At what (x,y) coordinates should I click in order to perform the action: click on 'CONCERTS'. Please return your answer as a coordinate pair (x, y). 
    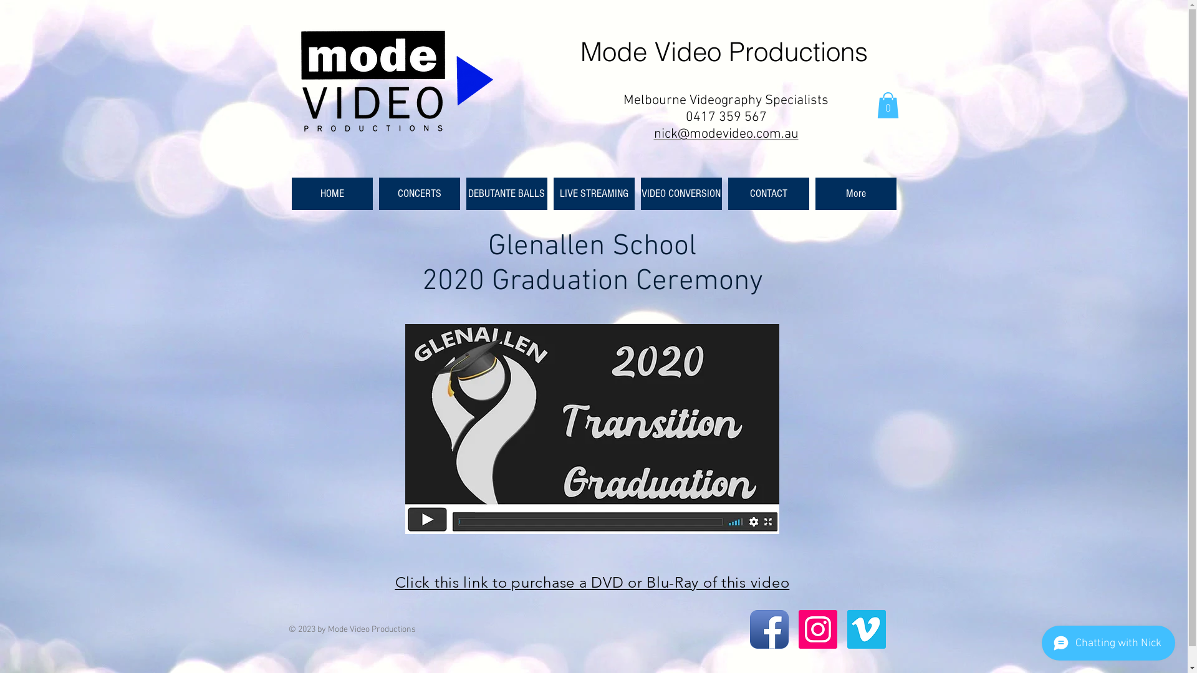
    Looking at the image, I should click on (419, 194).